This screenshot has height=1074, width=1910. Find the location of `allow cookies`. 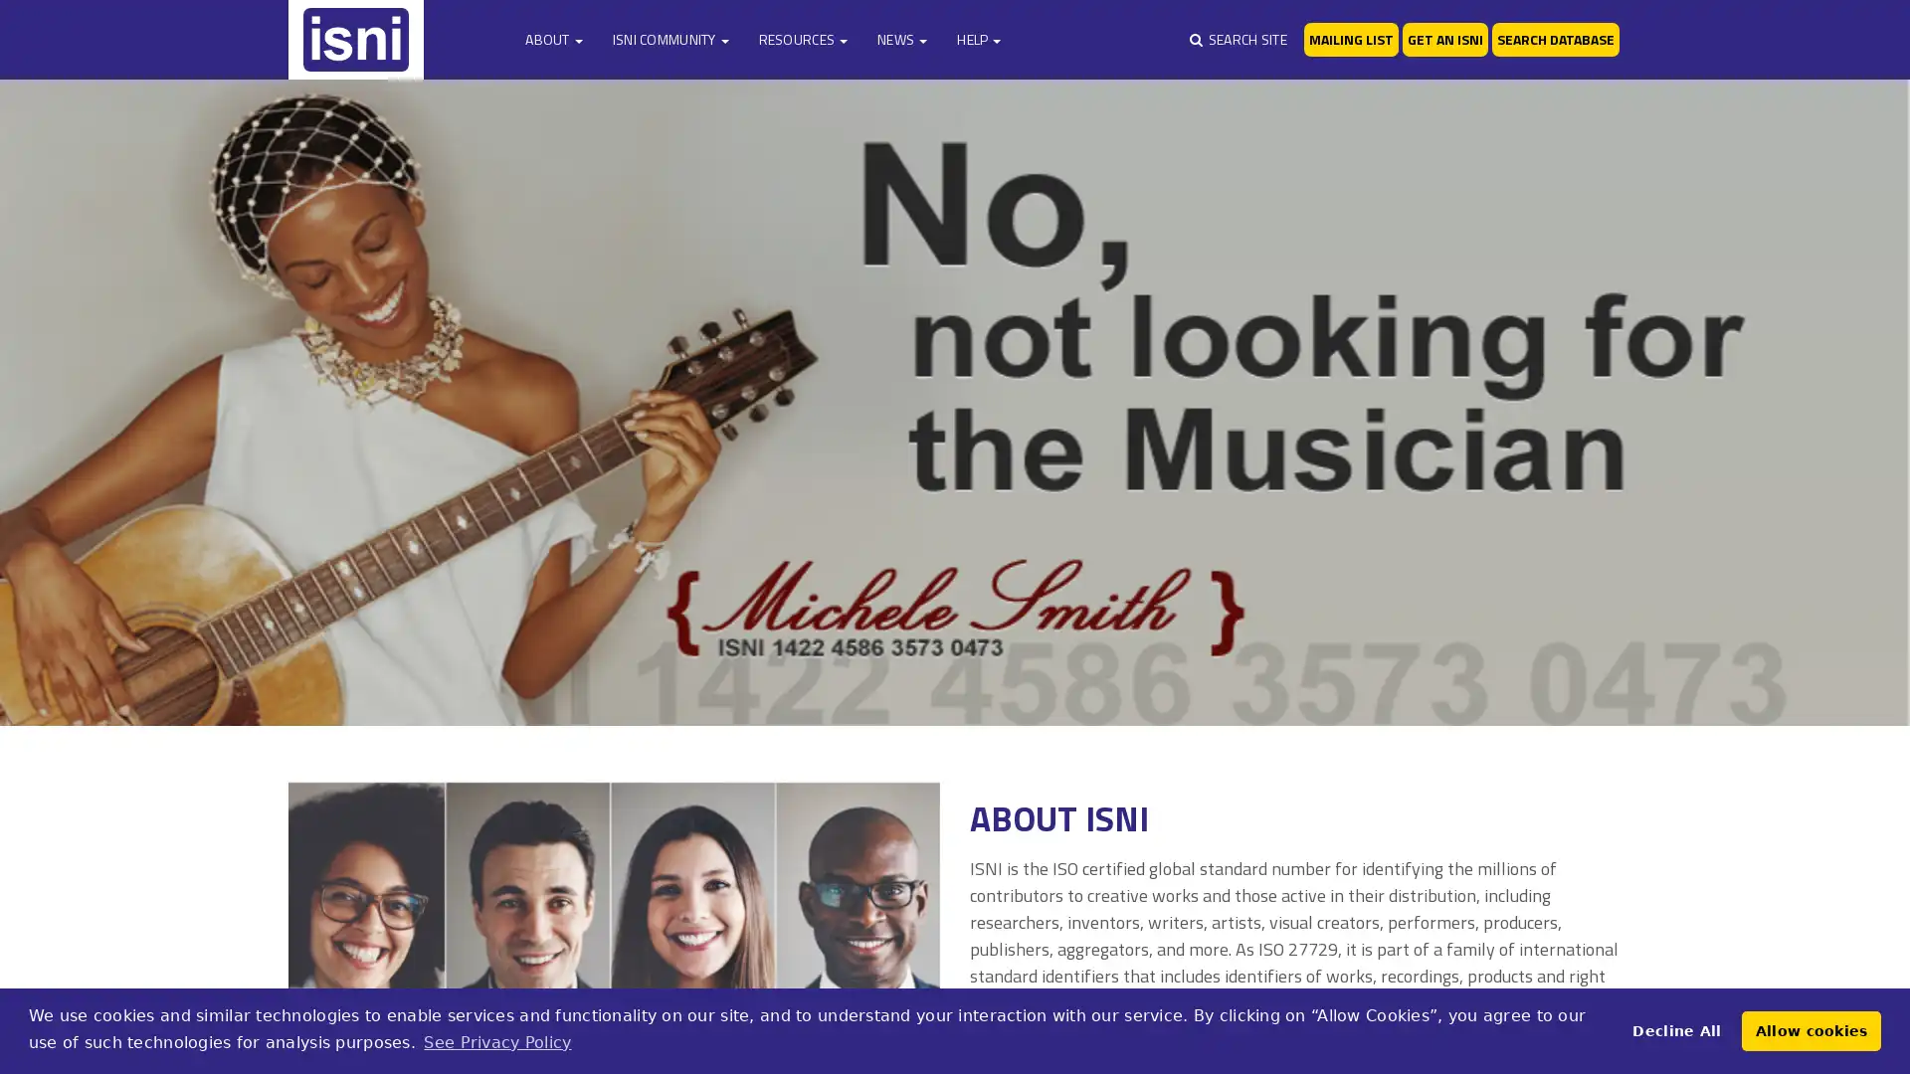

allow cookies is located at coordinates (1811, 1029).